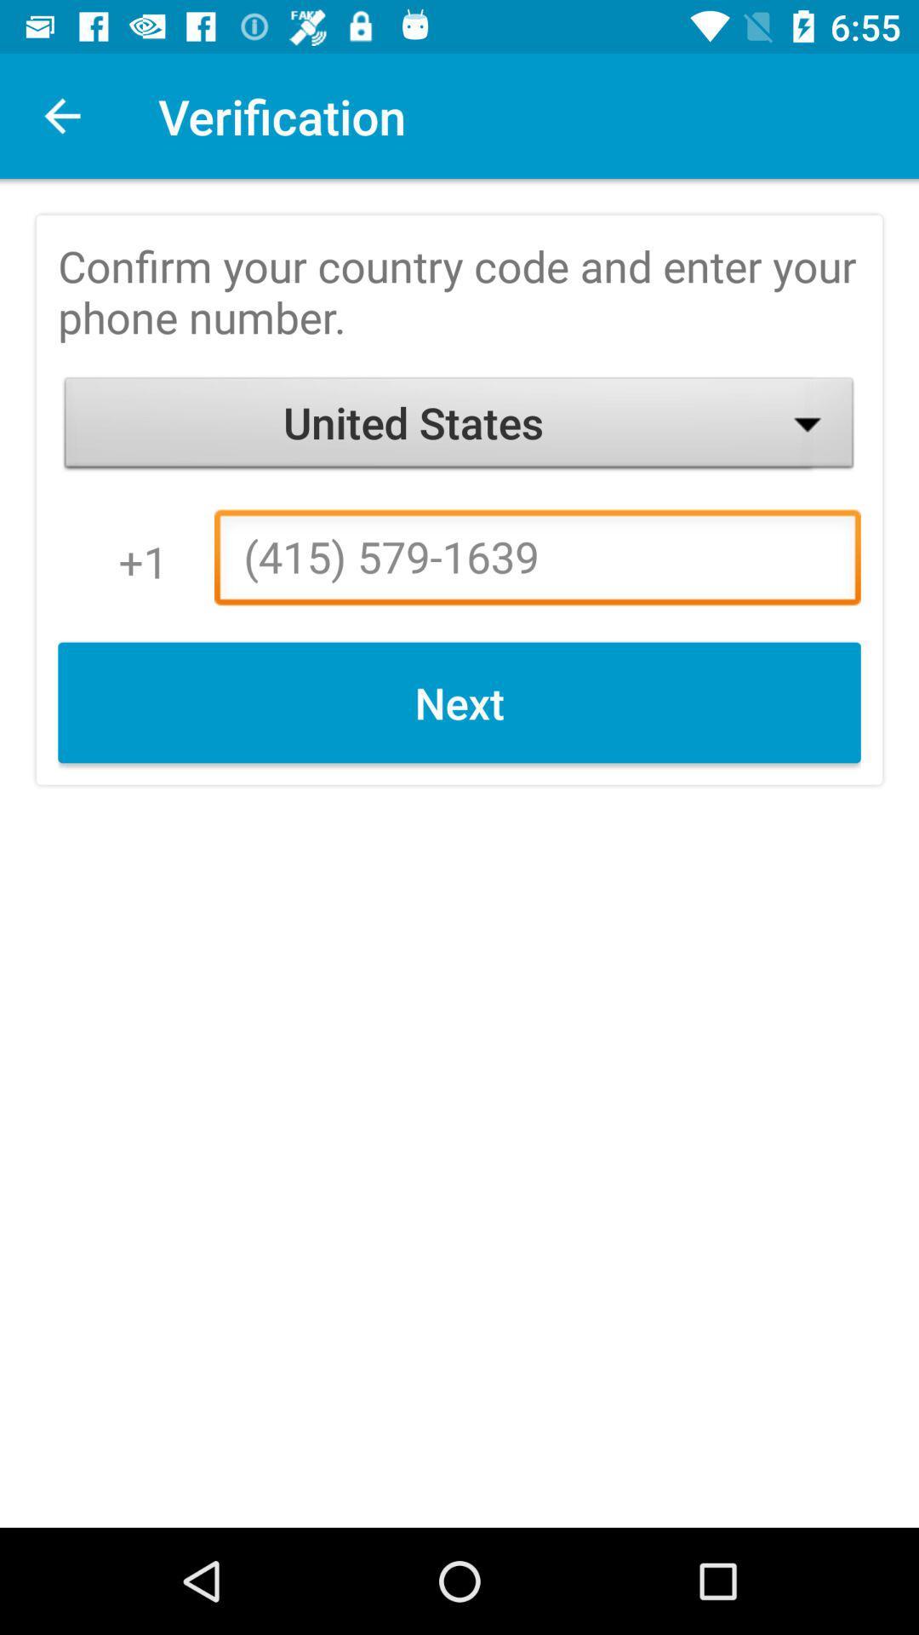 The image size is (919, 1635). What do you see at coordinates (459, 703) in the screenshot?
I see `icon below the (415) 579-1639 icon` at bounding box center [459, 703].